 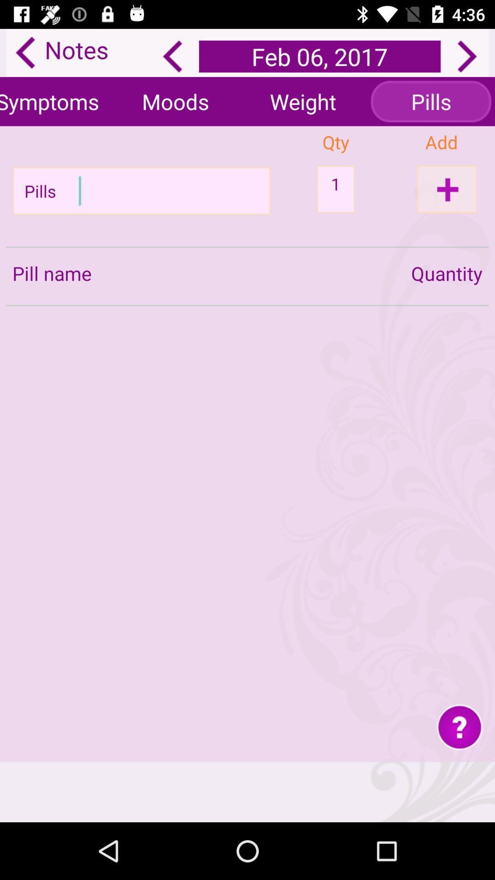 What do you see at coordinates (447, 189) in the screenshot?
I see `more file` at bounding box center [447, 189].